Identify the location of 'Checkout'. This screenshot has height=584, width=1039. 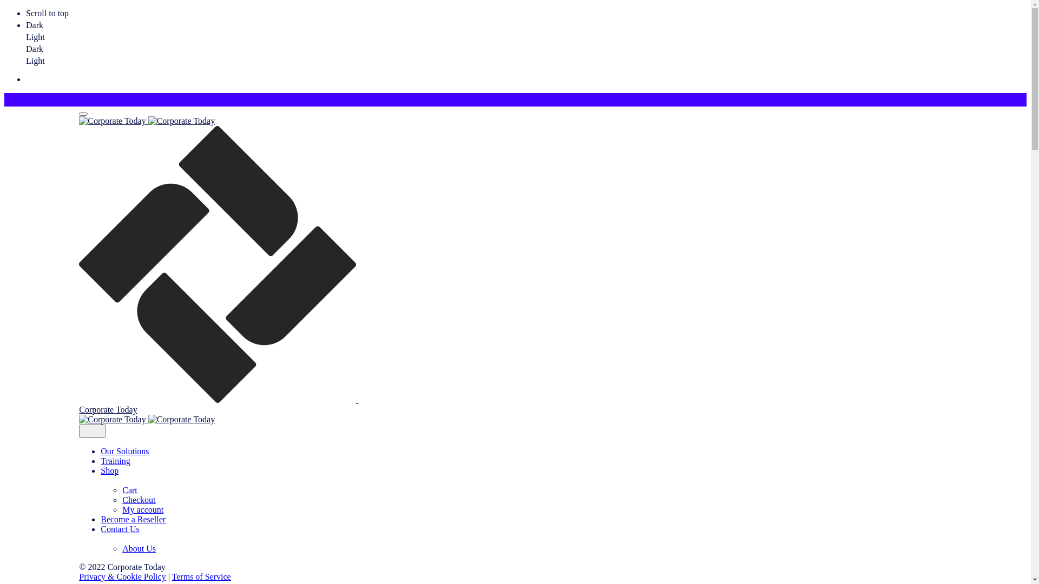
(138, 500).